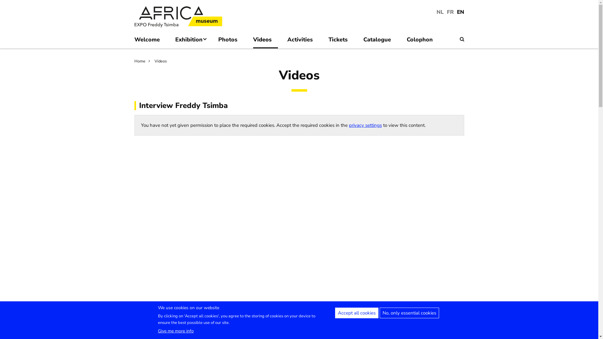 The width and height of the screenshot is (603, 339). Describe the element at coordinates (409, 313) in the screenshot. I see `'No, only essential cookies'` at that location.